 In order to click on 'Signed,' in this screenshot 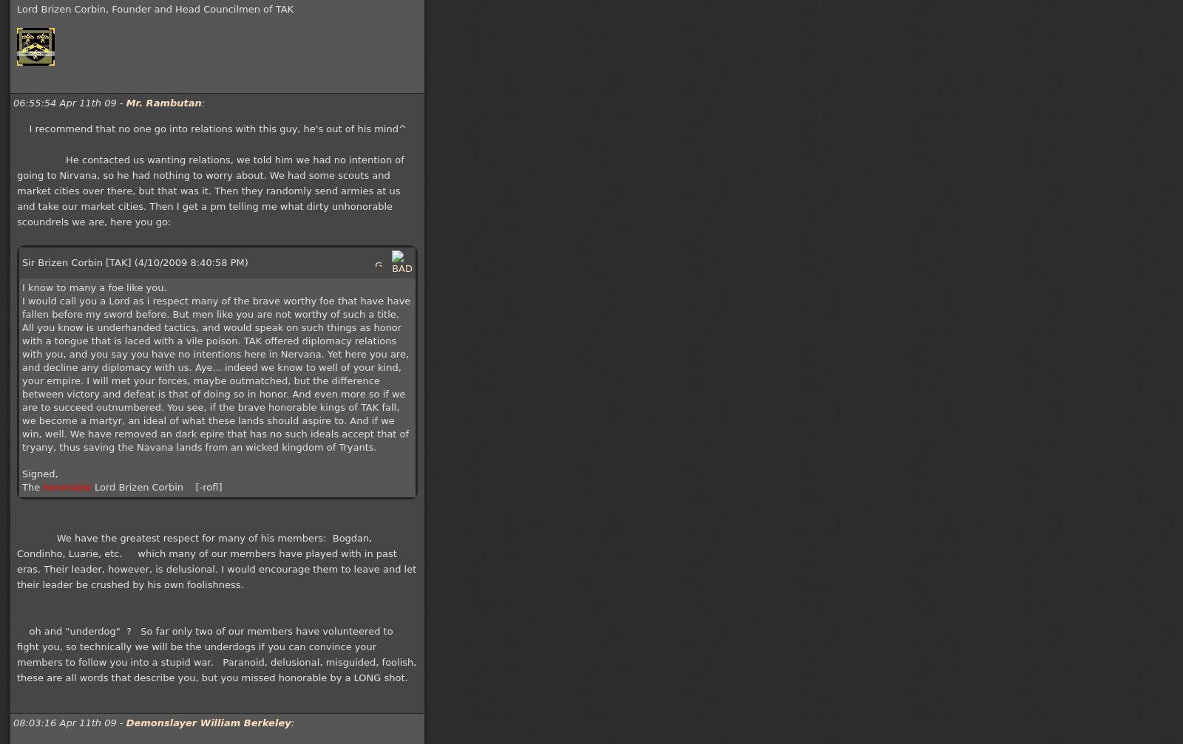, I will do `click(39, 473)`.